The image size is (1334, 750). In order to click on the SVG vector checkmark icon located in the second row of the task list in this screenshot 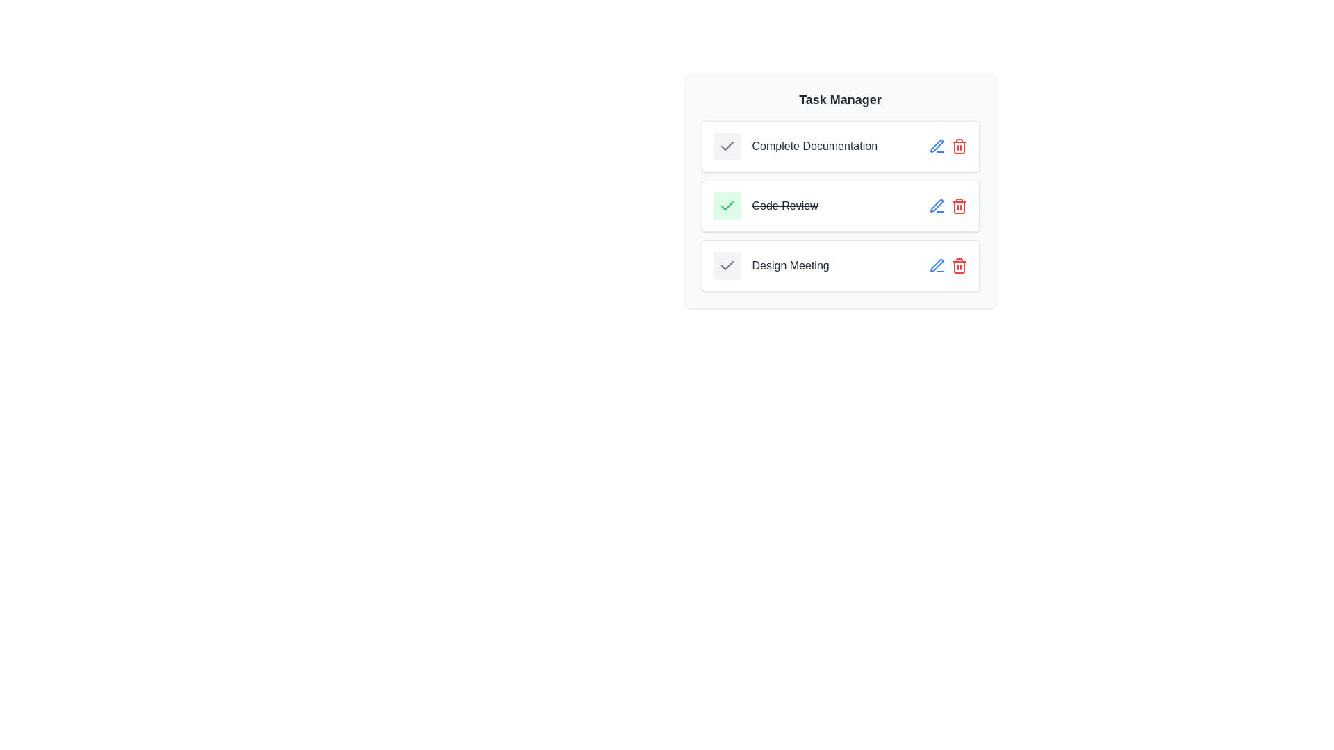, I will do `click(726, 206)`.